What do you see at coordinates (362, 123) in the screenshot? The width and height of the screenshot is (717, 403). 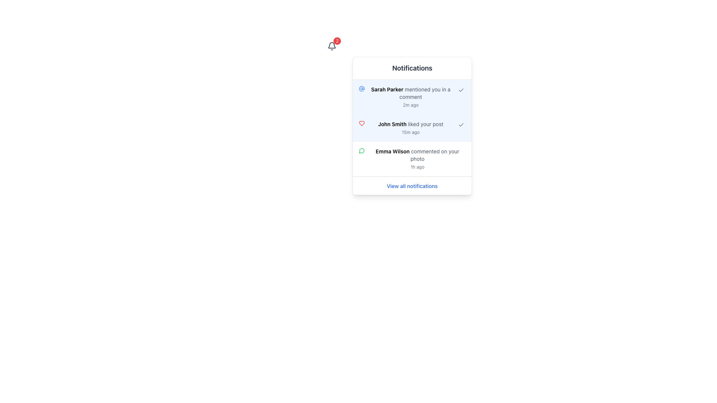 I see `the heart-shaped red icon located next to the notification text 'John Smith liked your post', which is the second entry in the notification list` at bounding box center [362, 123].